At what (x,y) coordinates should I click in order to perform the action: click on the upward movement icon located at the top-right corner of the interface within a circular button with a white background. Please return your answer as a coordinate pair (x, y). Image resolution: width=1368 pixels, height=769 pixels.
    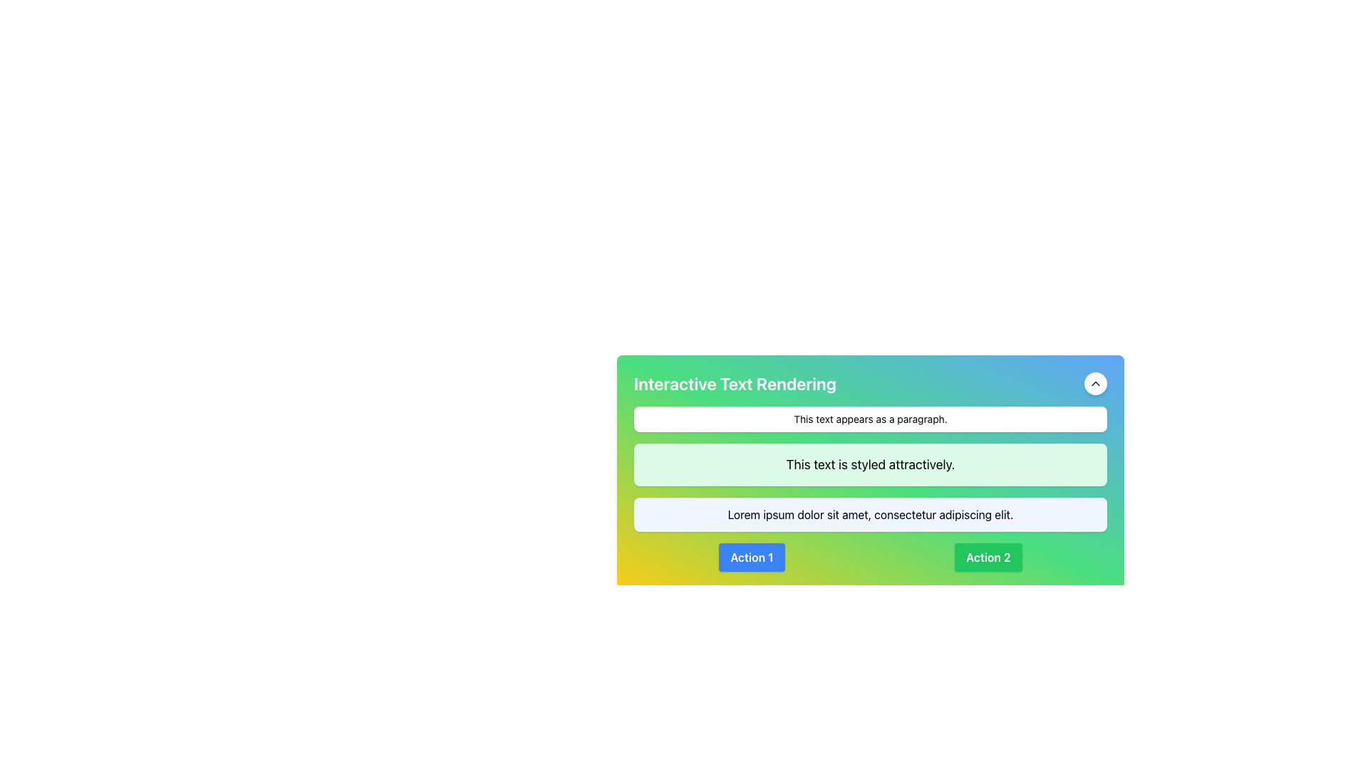
    Looking at the image, I should click on (1094, 383).